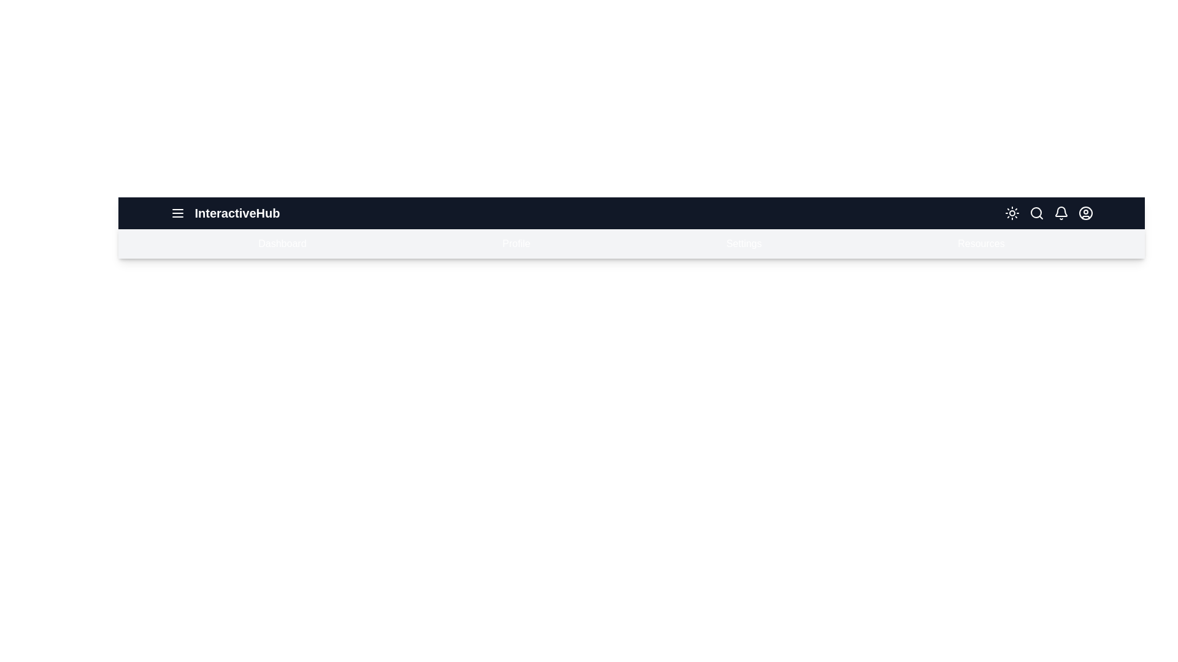 The image size is (1178, 662). I want to click on the search icon to activate the search functionality, so click(1036, 212).